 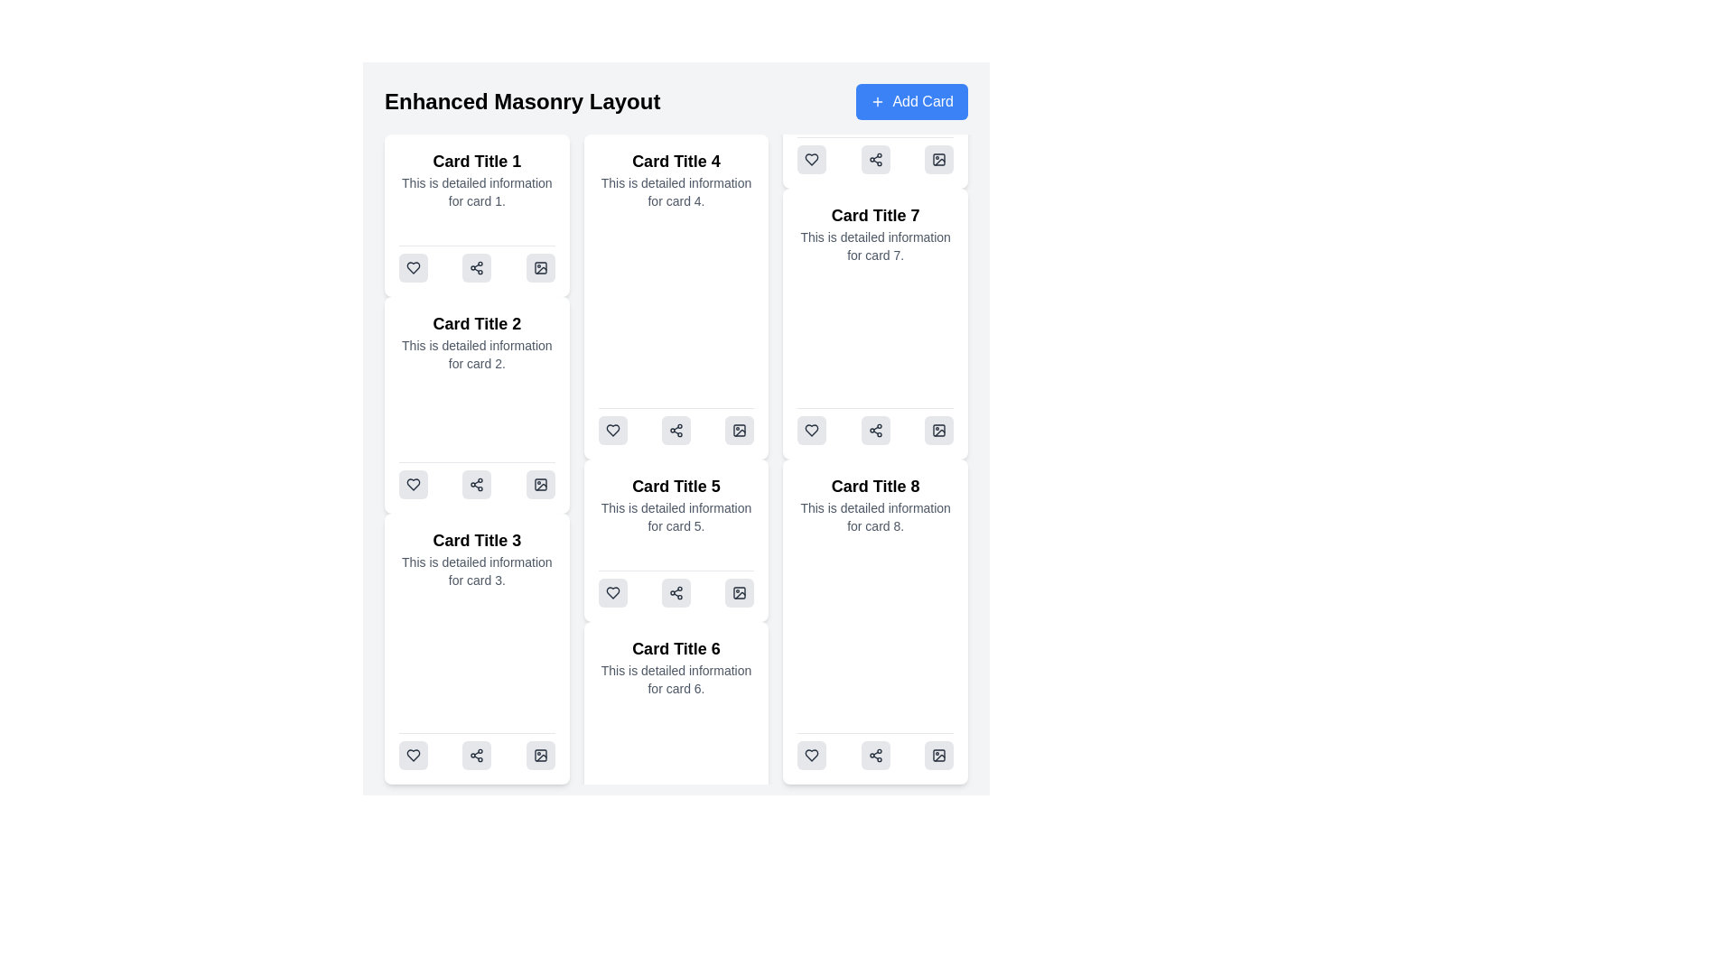 I want to click on the heart-shaped icon located at the bottom of 'Card Title 4' to like or mark as favorite, so click(x=612, y=431).